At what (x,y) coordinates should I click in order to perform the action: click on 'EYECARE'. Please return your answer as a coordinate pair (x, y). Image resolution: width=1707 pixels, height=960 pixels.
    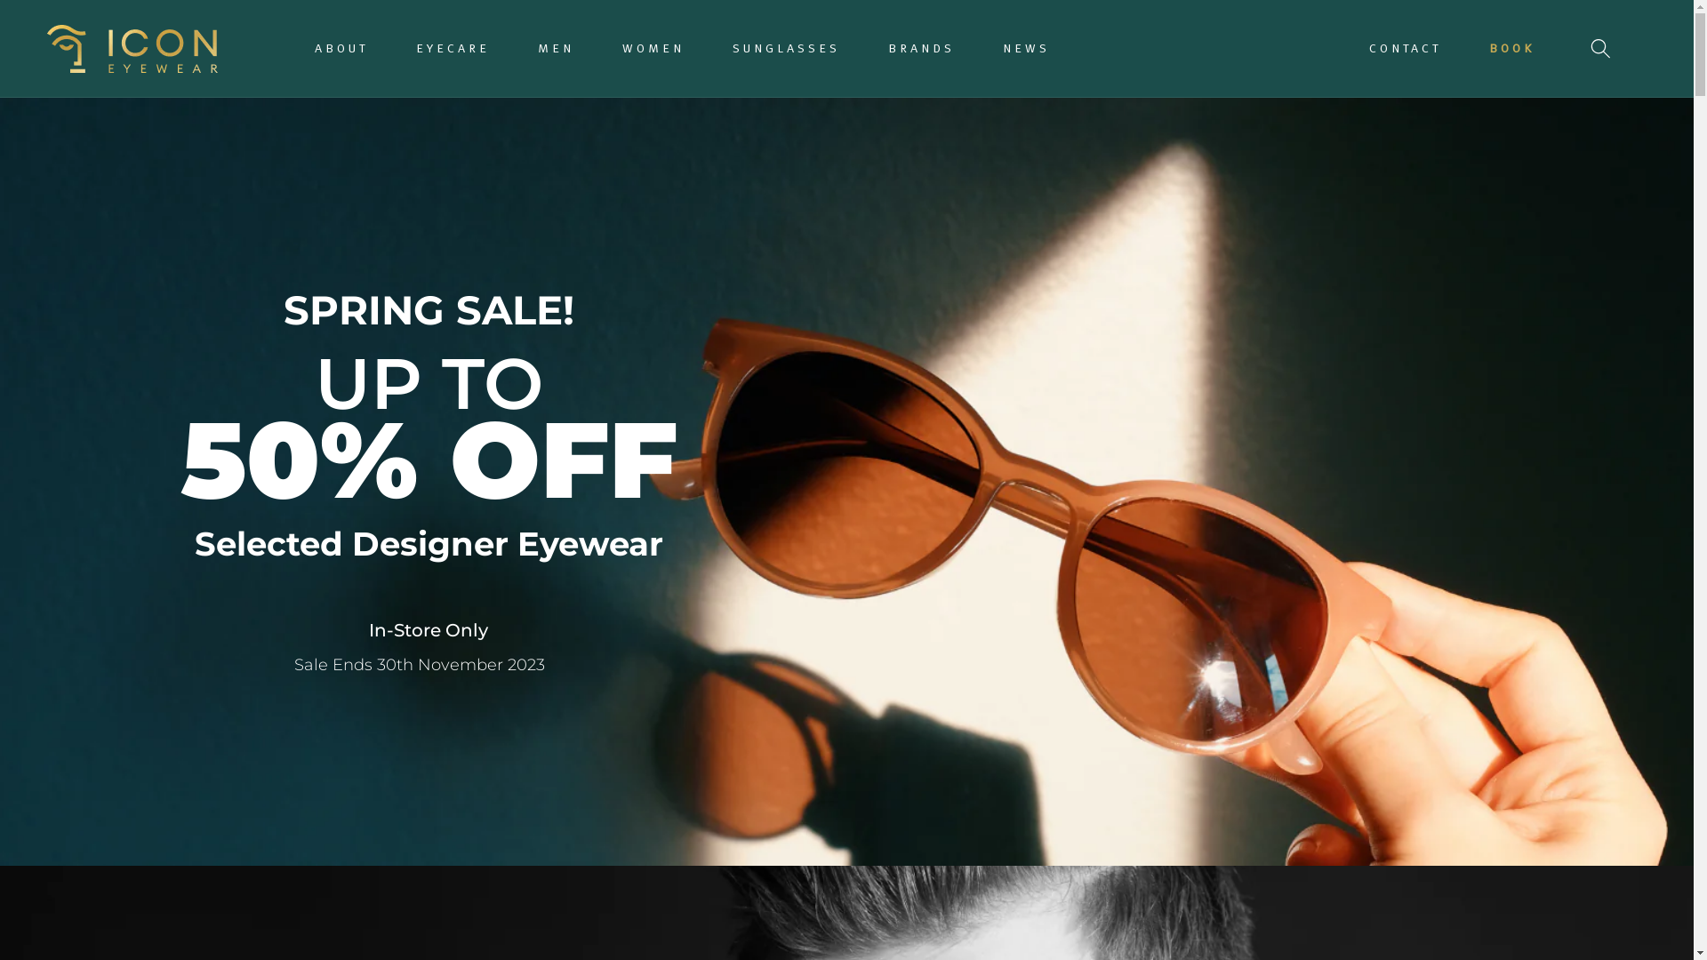
    Looking at the image, I should click on (405, 47).